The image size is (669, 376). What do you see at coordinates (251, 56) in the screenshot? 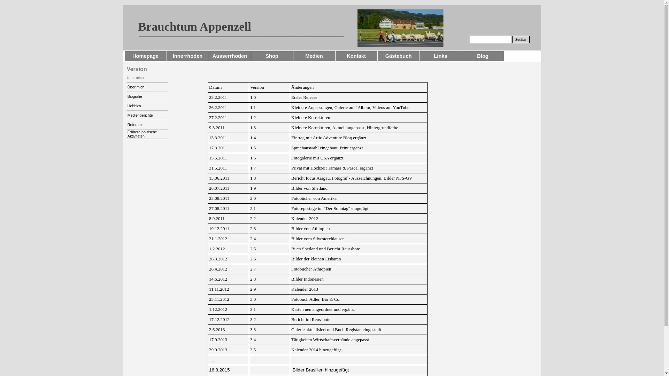
I see `'Shop'` at bounding box center [251, 56].